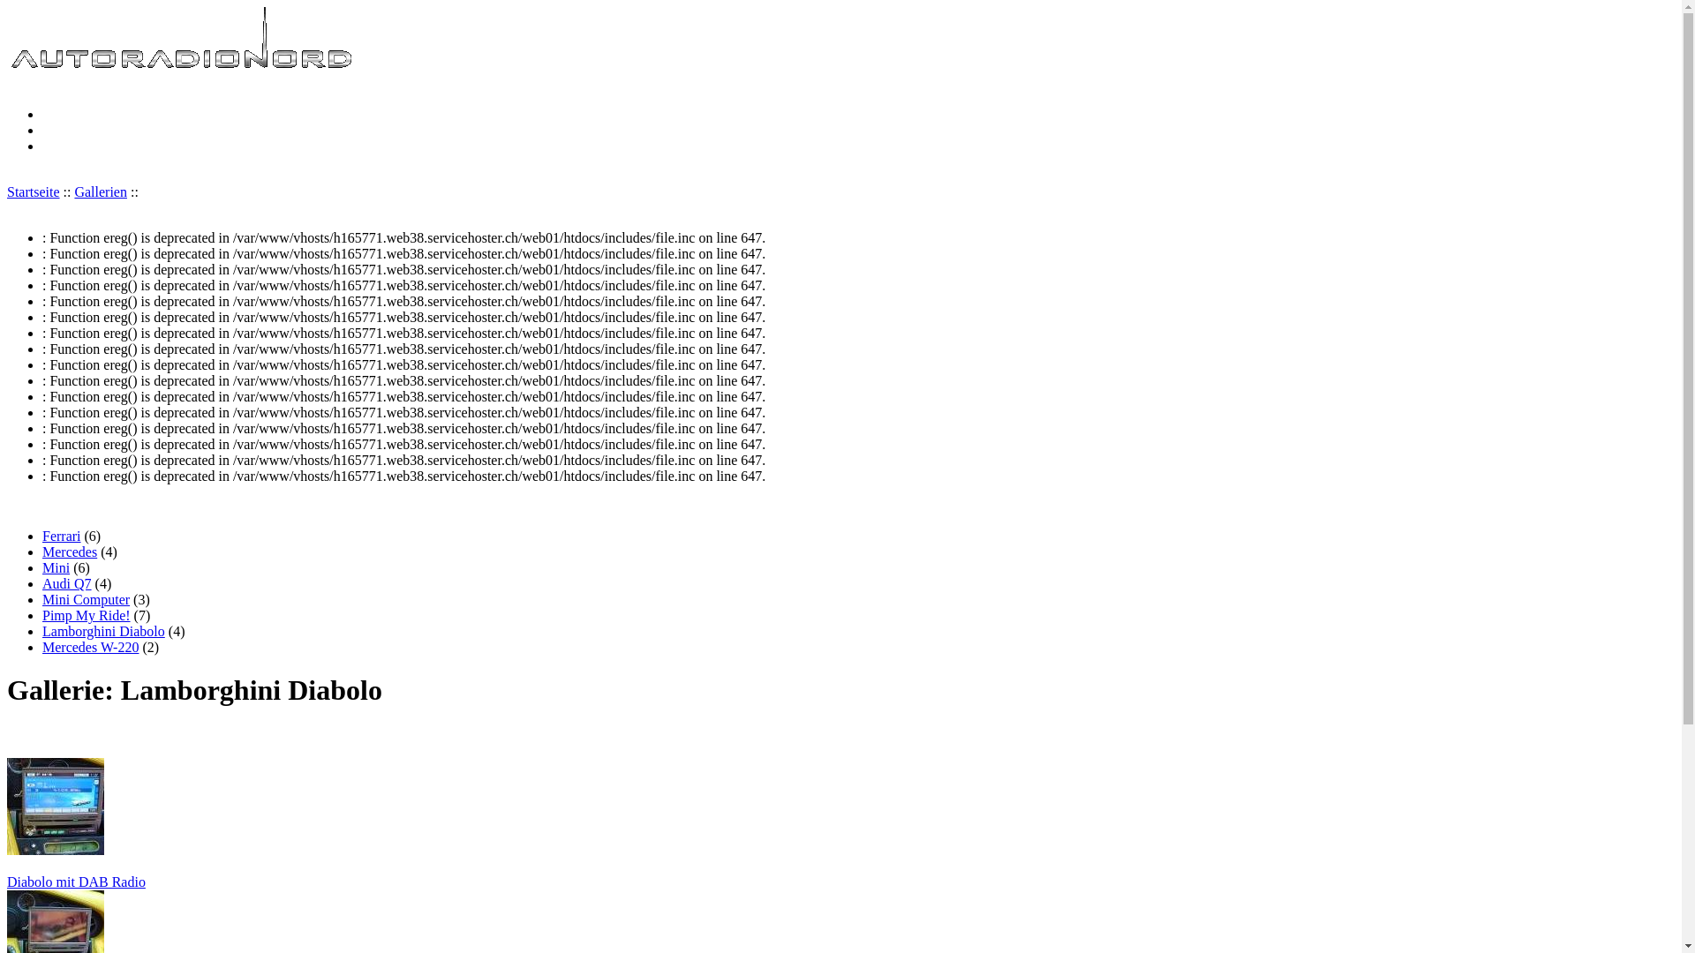  I want to click on 'Mercedes W-220', so click(42, 647).